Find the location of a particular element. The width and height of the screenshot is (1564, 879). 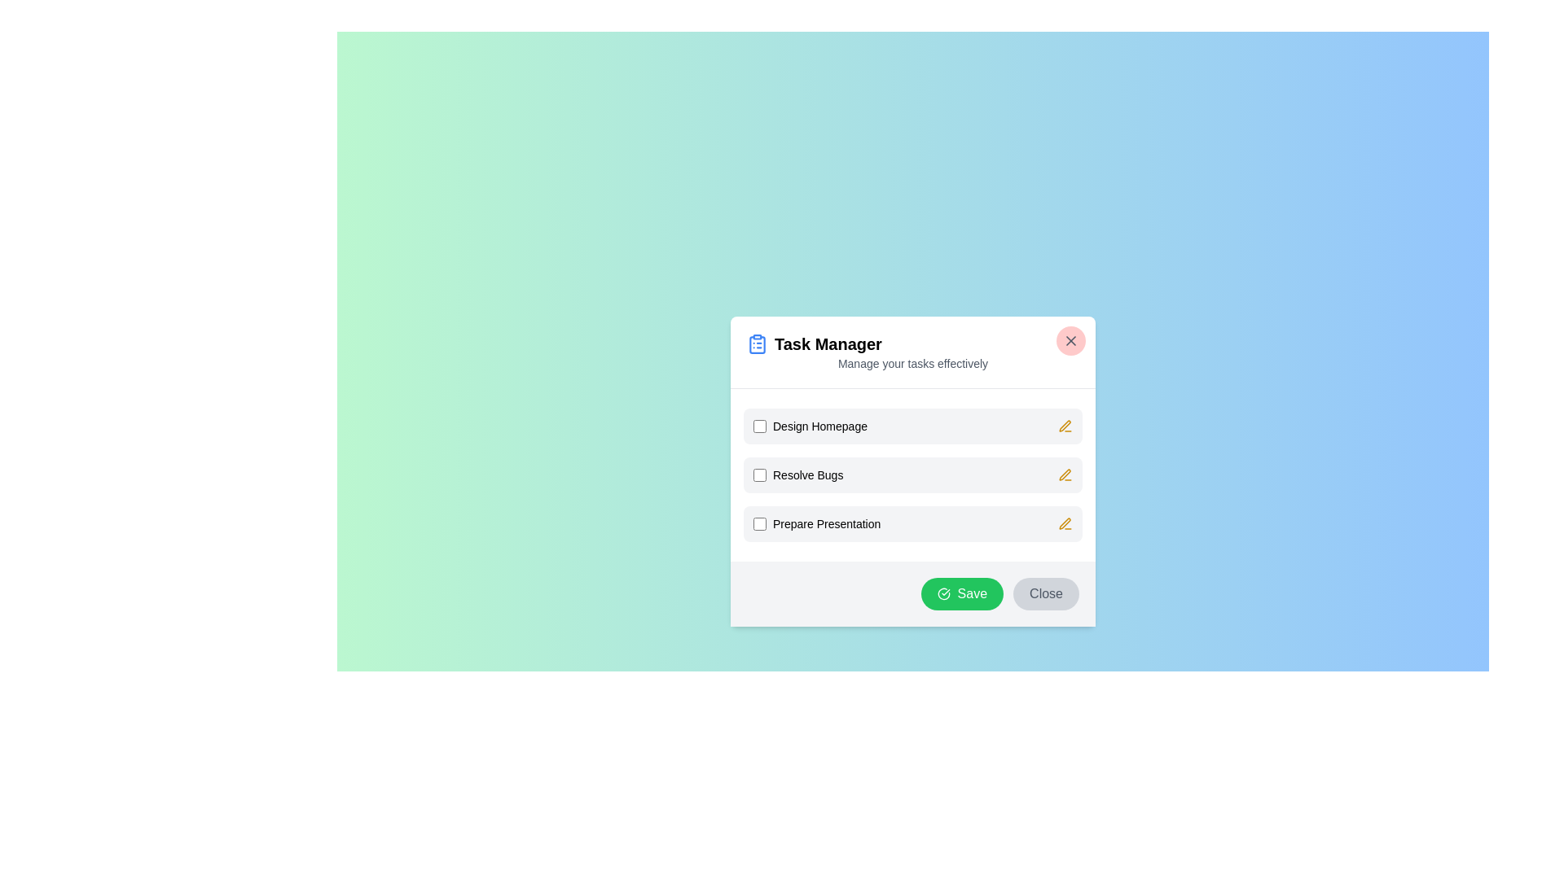

the green outlined checkbox is located at coordinates (758, 425).